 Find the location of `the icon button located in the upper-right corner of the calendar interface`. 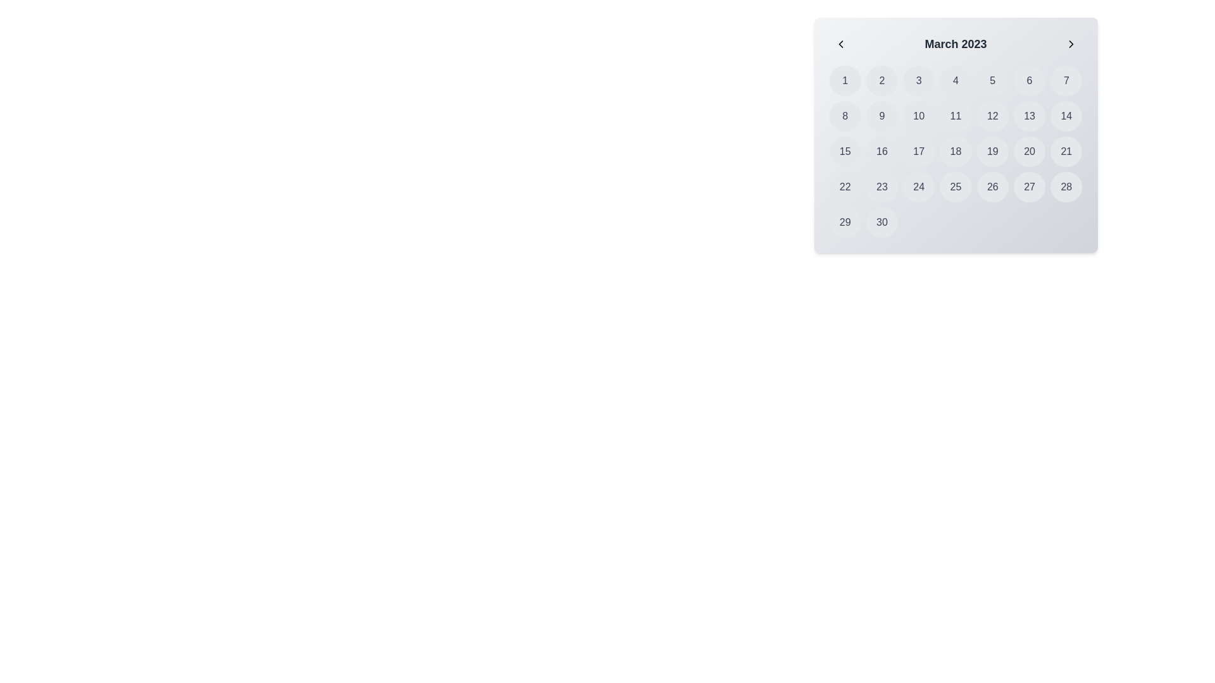

the icon button located in the upper-right corner of the calendar interface is located at coordinates (1070, 43).